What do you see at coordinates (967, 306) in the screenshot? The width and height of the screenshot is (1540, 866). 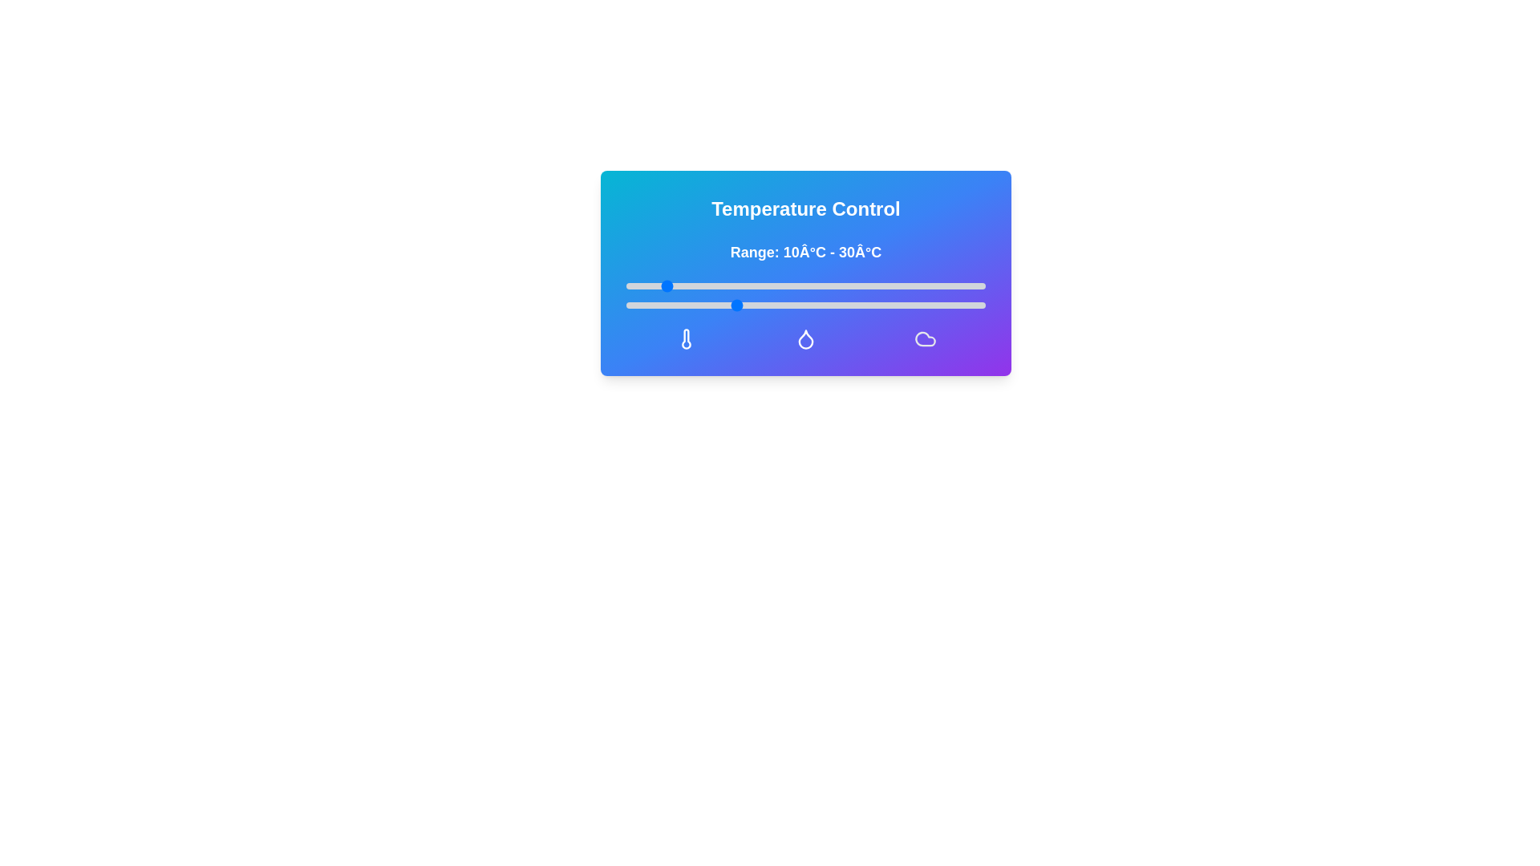 I see `the slider` at bounding box center [967, 306].